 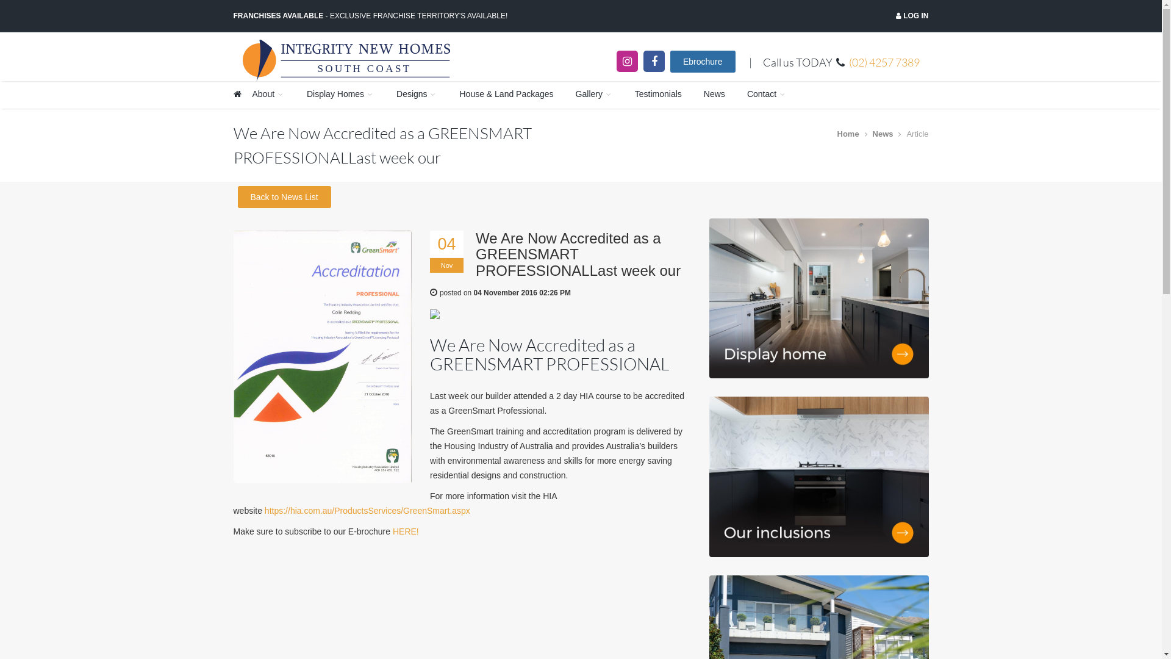 What do you see at coordinates (268, 94) in the screenshot?
I see `'About'` at bounding box center [268, 94].